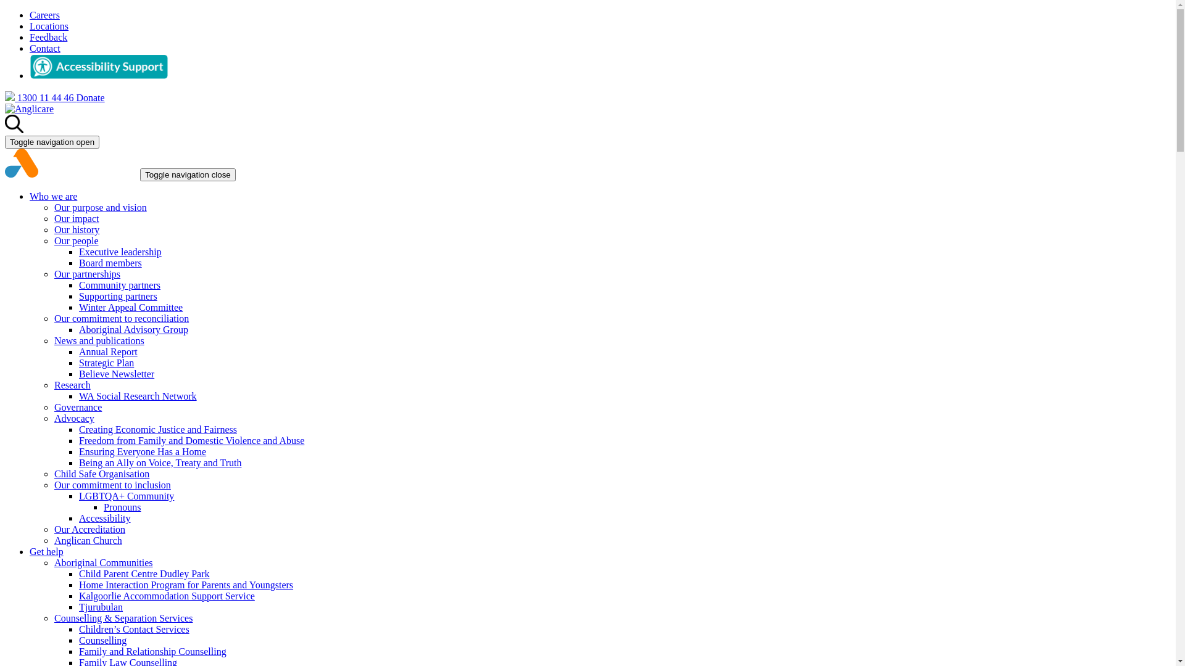 This screenshot has width=1185, height=666. Describe the element at coordinates (78, 429) in the screenshot. I see `'Creating Economic Justice and Fairness'` at that location.